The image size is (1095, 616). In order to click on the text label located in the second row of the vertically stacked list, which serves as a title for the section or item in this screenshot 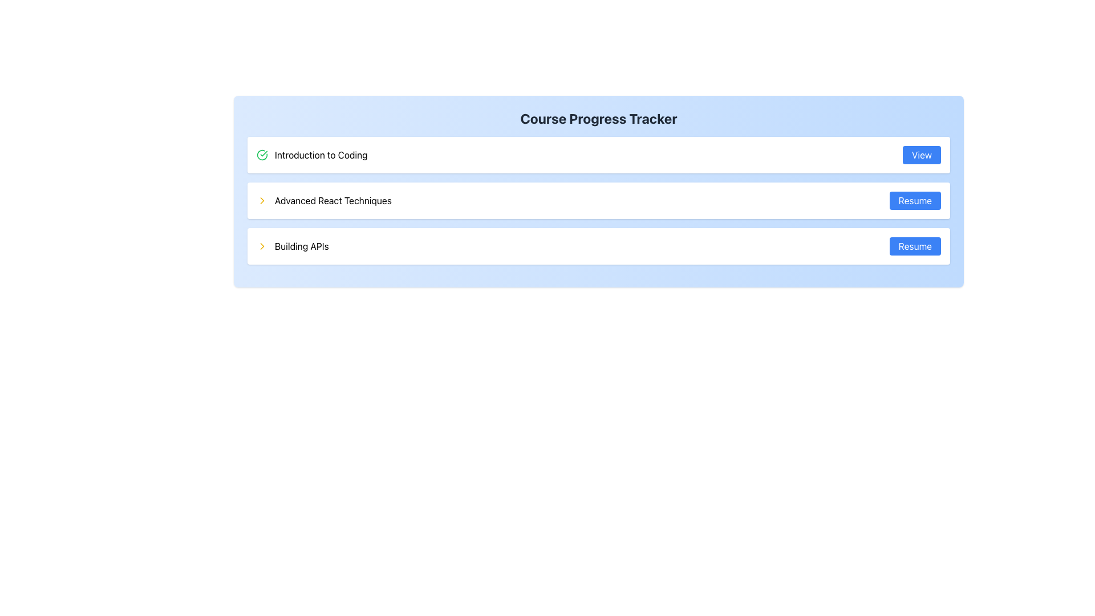, I will do `click(332, 200)`.